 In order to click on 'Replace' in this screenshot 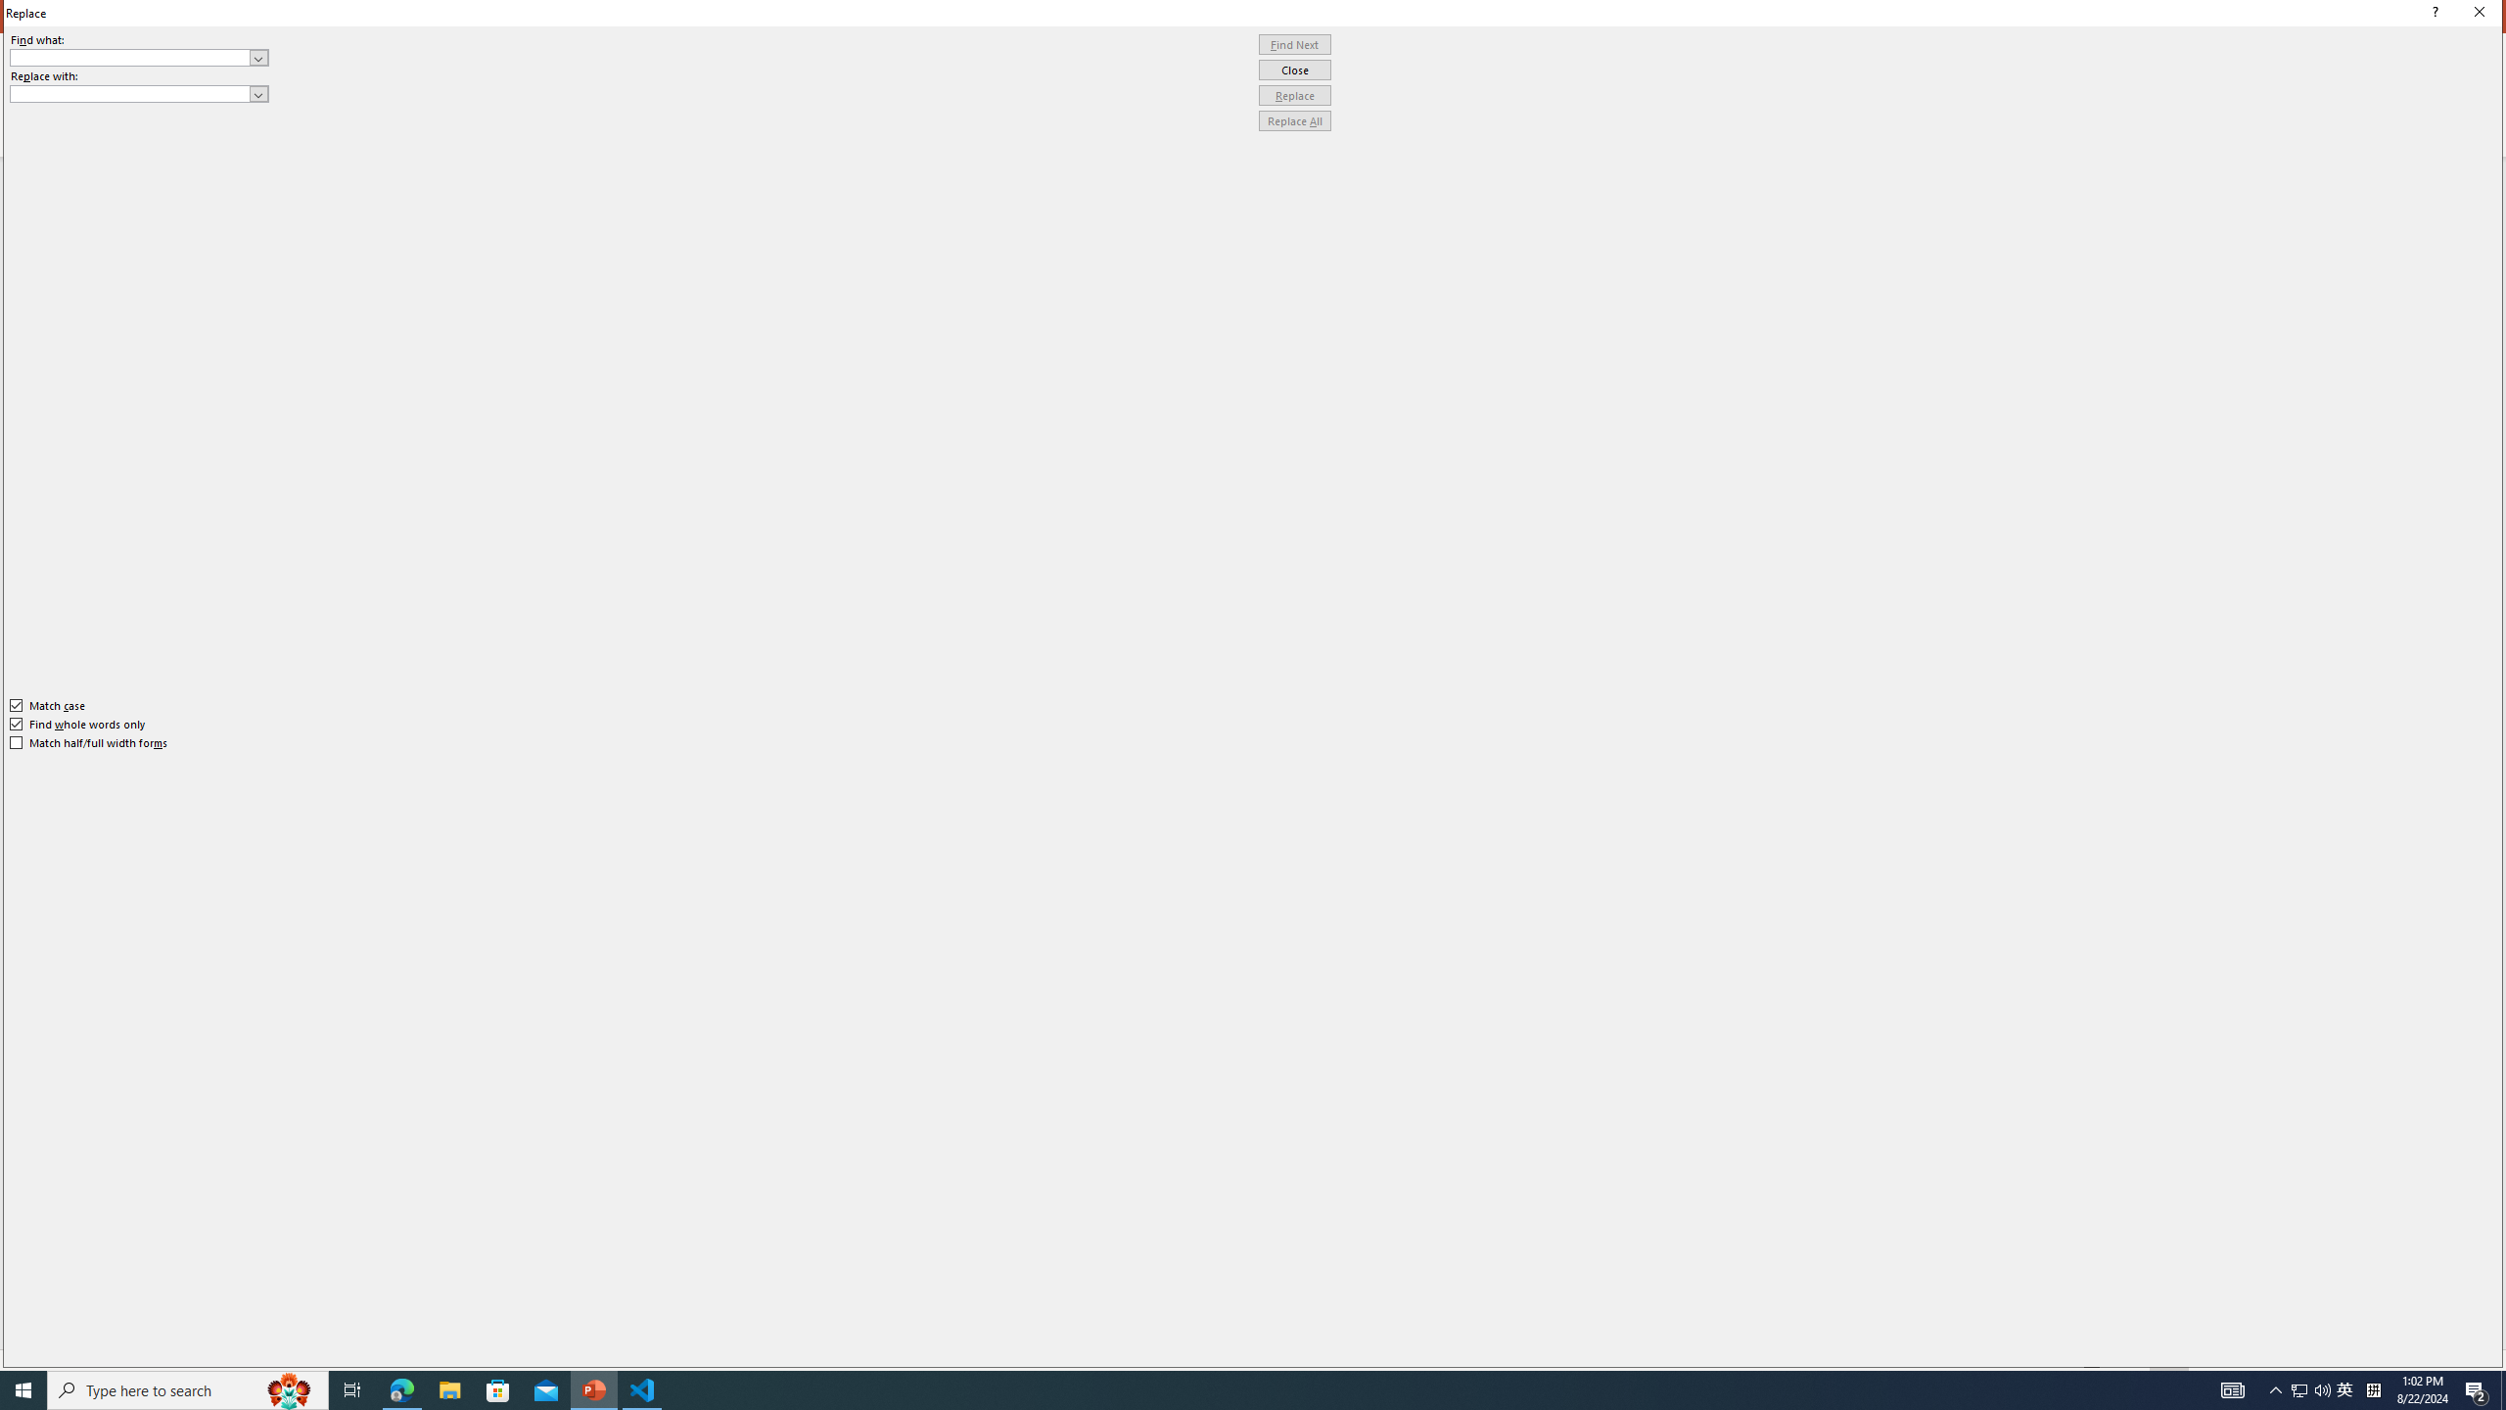, I will do `click(1294, 94)`.